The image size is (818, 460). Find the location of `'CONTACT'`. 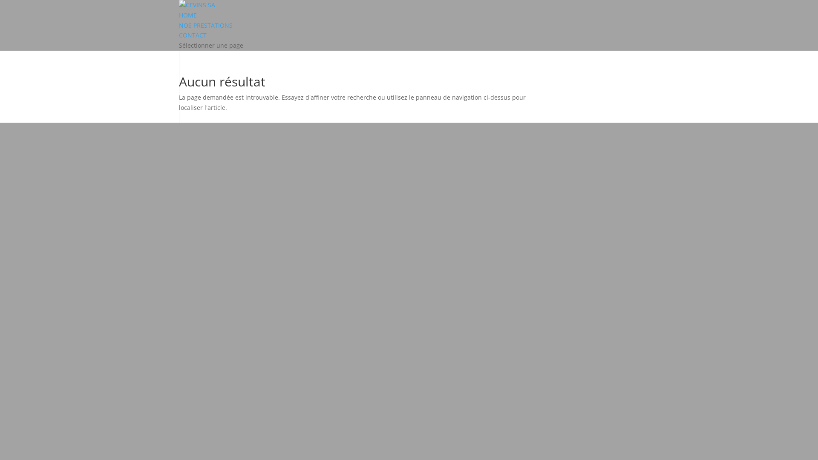

'CONTACT' is located at coordinates (192, 34).